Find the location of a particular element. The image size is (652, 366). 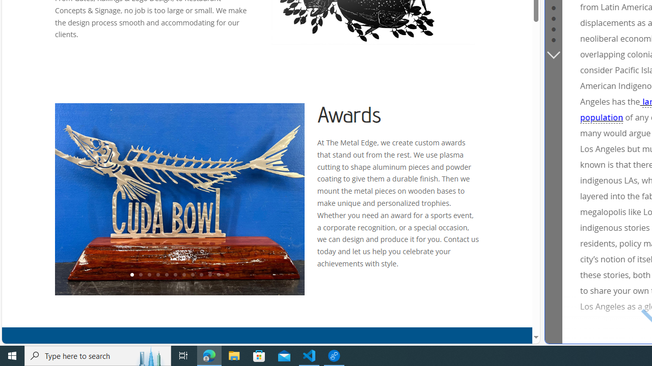

'3' is located at coordinates (149, 275).